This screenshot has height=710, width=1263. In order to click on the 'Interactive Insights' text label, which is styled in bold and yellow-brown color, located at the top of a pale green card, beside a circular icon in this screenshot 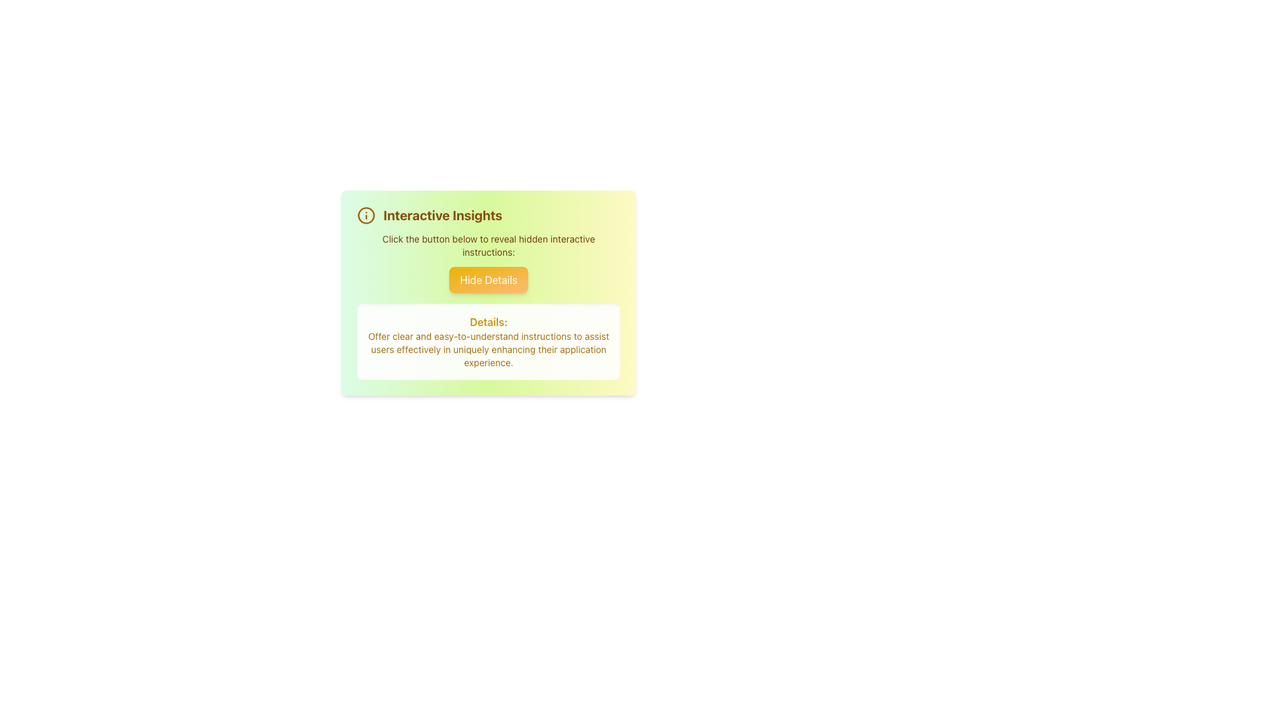, I will do `click(443, 214)`.